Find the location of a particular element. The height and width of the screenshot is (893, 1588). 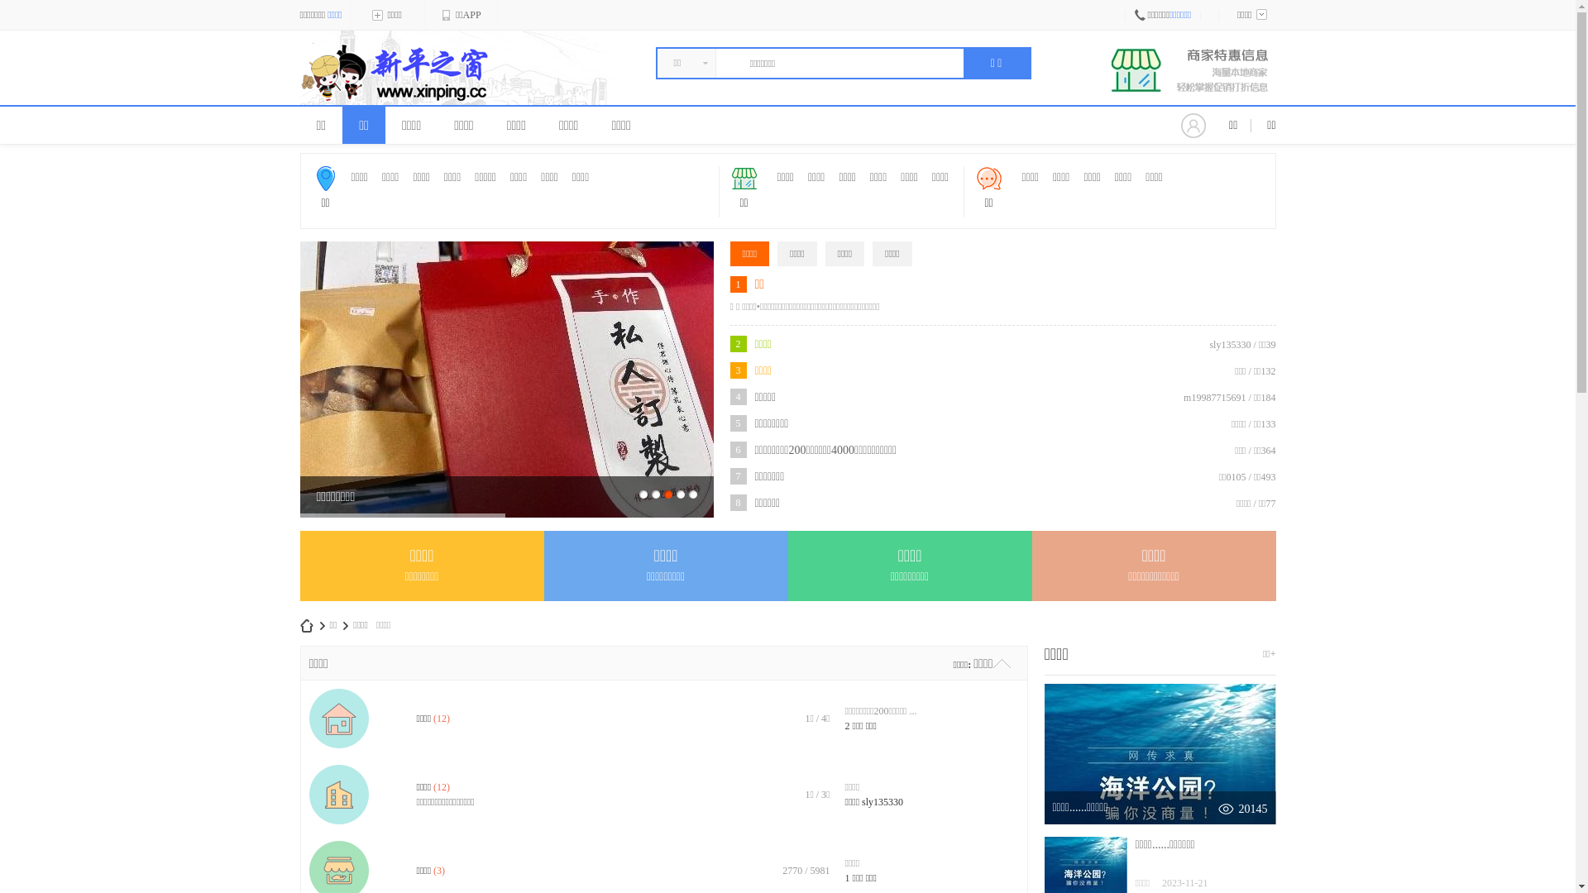

'sly135330' is located at coordinates (860, 800).